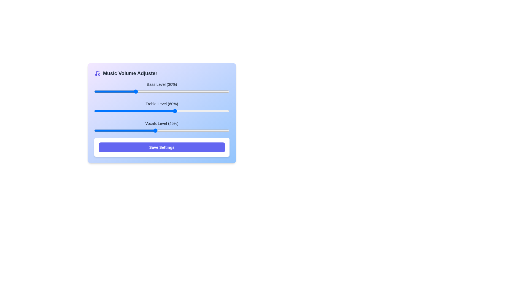  I want to click on the Vocals Level slider, so click(197, 130).